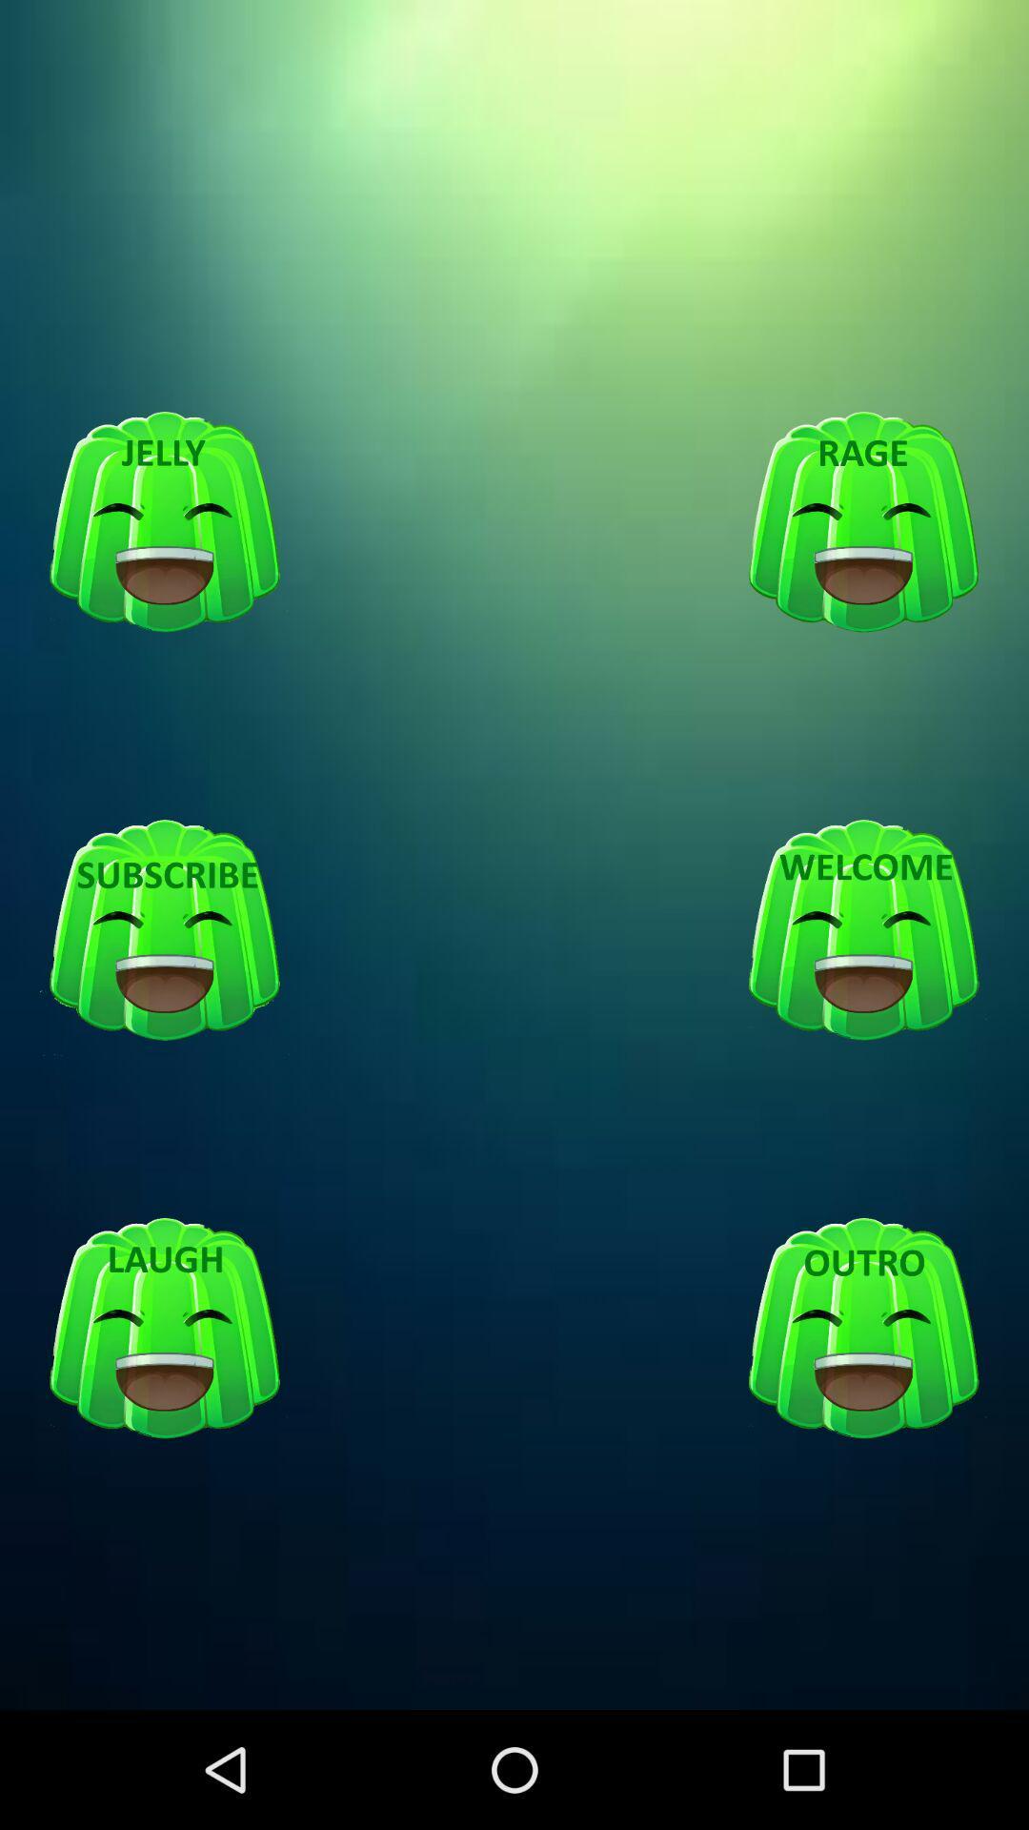 The height and width of the screenshot is (1830, 1029). What do you see at coordinates (863, 1329) in the screenshot?
I see `the icon at the bottom right corner` at bounding box center [863, 1329].